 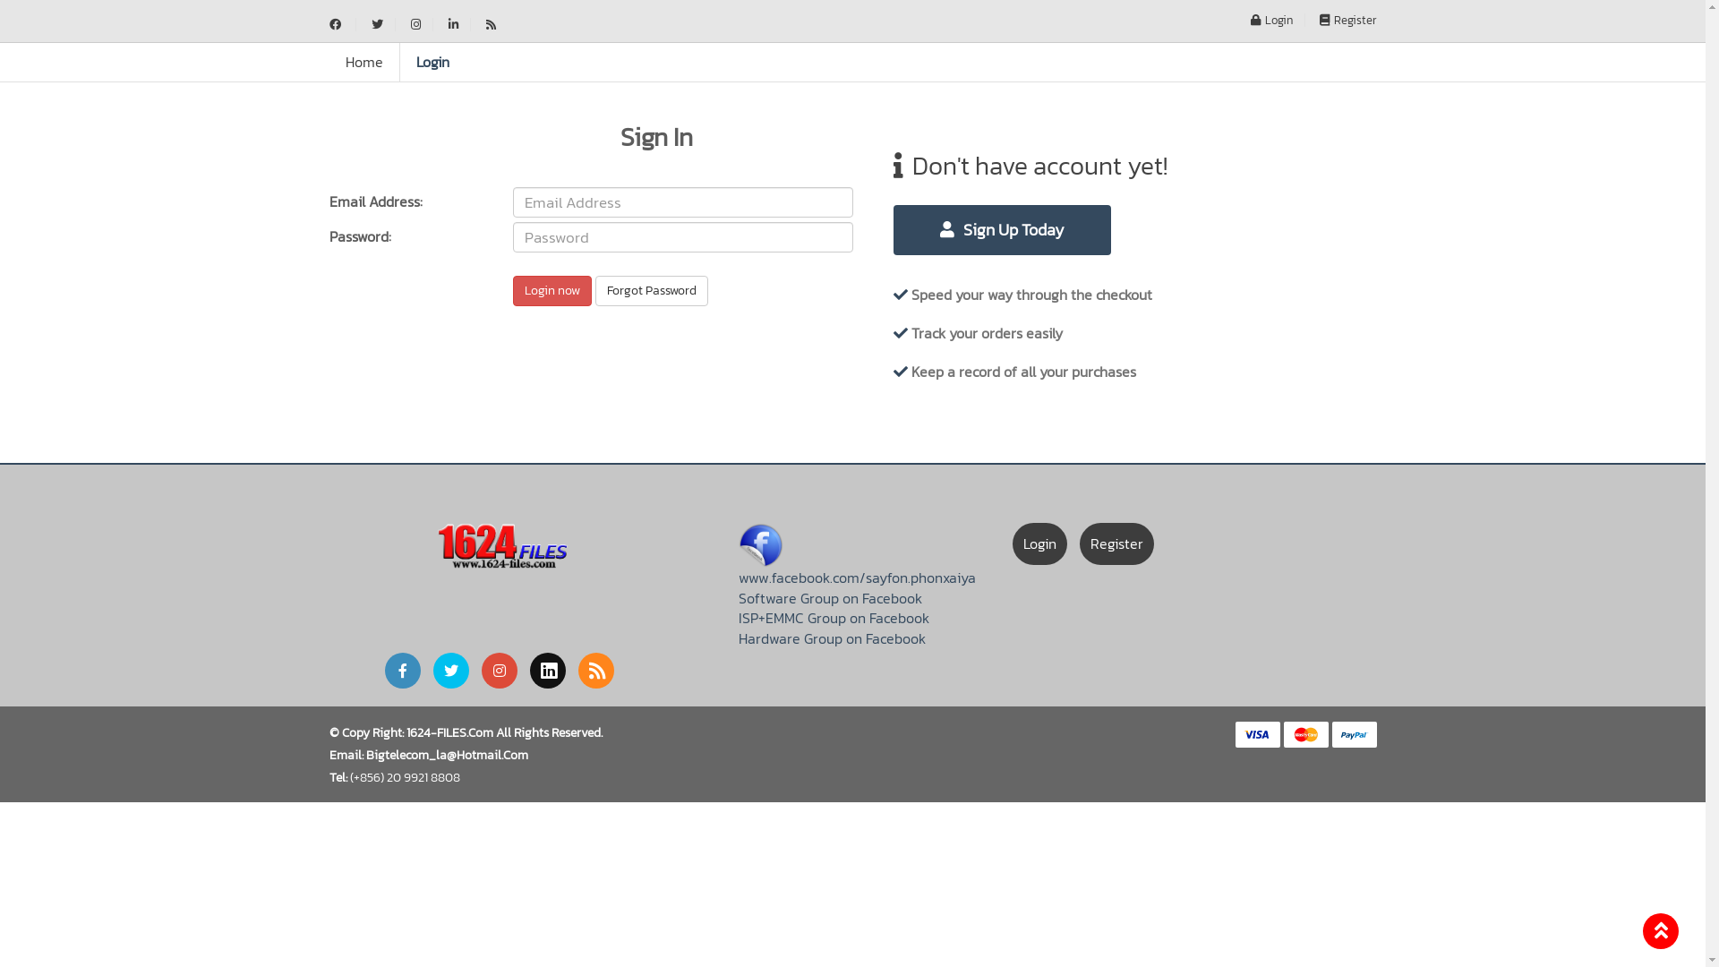 What do you see at coordinates (449, 732) in the screenshot?
I see `'1624-FILES.Com'` at bounding box center [449, 732].